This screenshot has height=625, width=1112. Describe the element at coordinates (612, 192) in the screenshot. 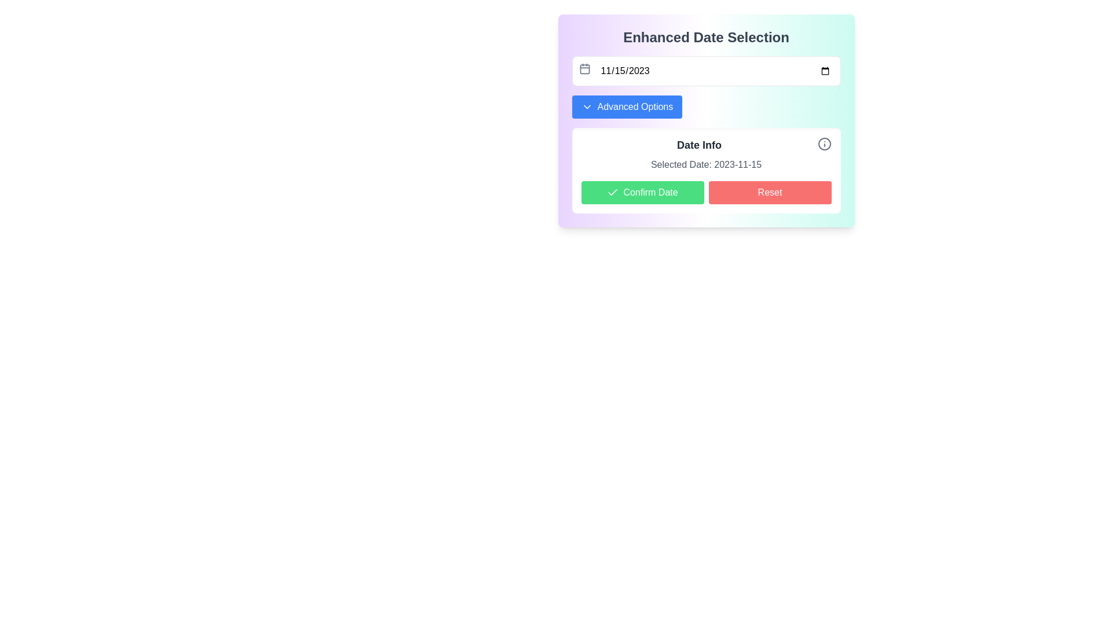

I see `the icon within the green button labeled 'Confirm Date' located in the 'Date Info' section` at that location.